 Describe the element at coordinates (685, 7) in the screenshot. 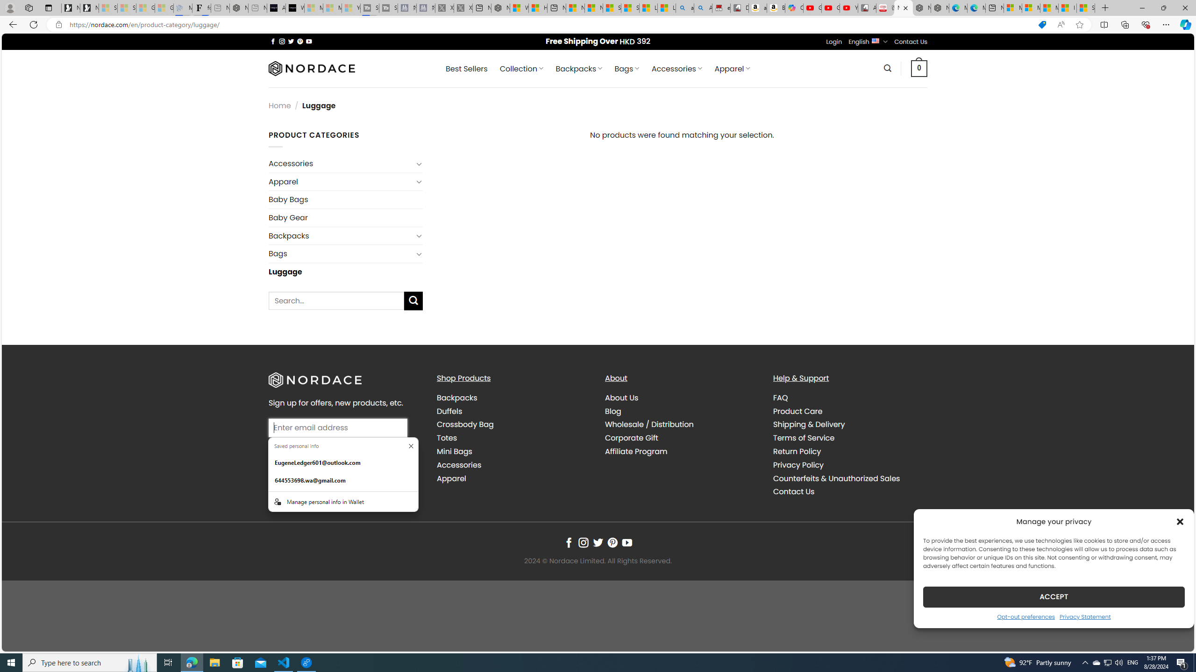

I see `'amazon - Search'` at that location.